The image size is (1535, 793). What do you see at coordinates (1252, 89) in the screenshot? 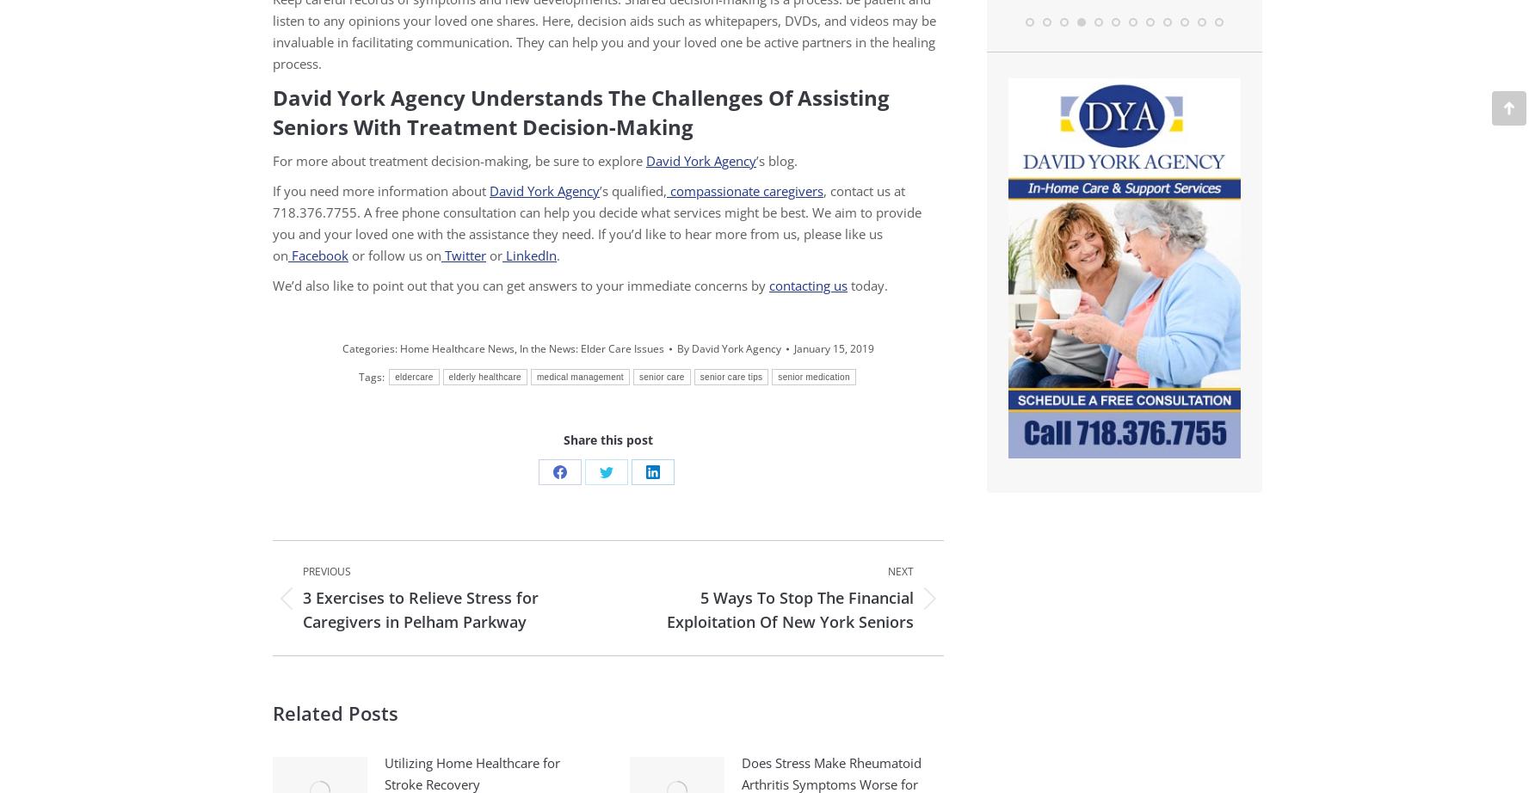
I see `'Cedarhurst, N.Y.'` at bounding box center [1252, 89].